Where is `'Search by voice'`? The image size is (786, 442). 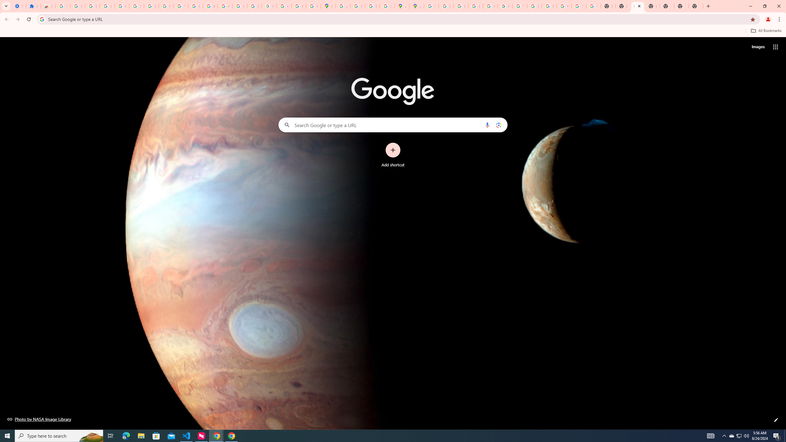
'Search by voice' is located at coordinates (487, 124).